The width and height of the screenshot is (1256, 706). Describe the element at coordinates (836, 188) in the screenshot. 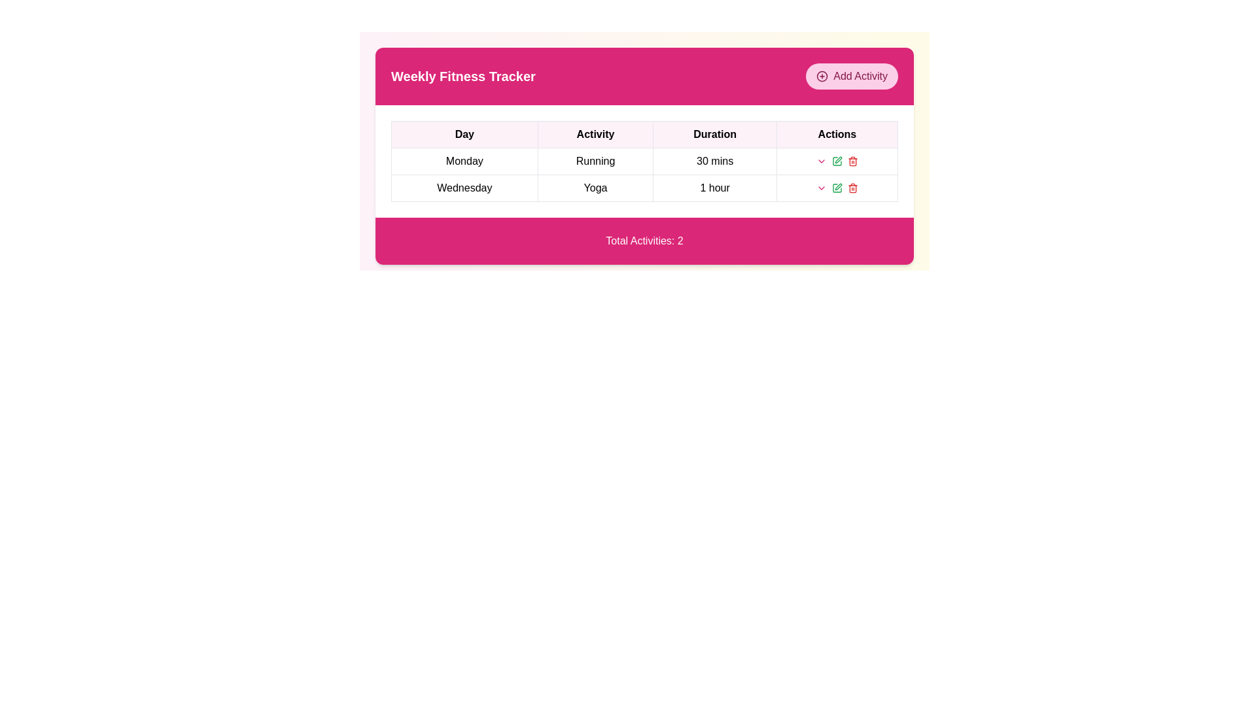

I see `the green pen icon button located in the second row of icons under the 'Actions' column` at that location.